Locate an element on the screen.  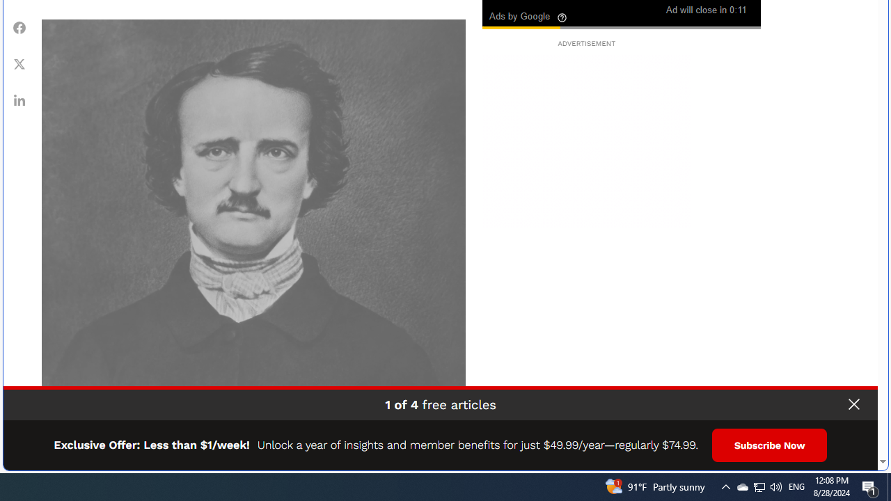
'Class: fs-icon fs-icon--linkedin' is located at coordinates (19, 99).